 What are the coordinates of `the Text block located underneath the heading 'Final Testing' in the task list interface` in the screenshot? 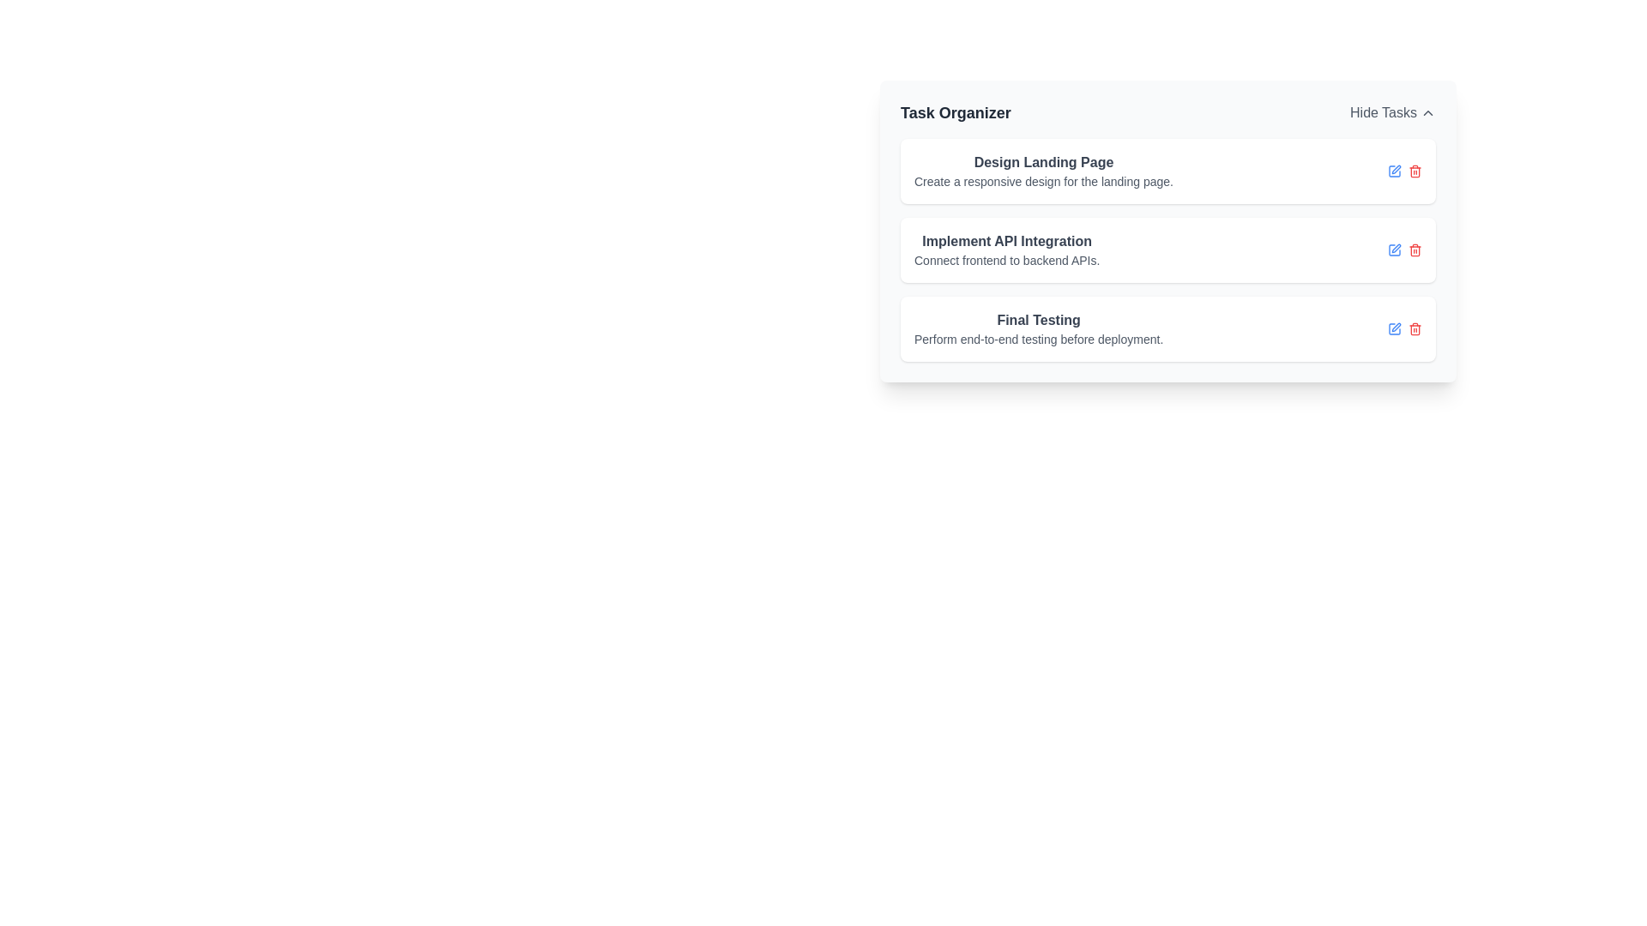 It's located at (1038, 340).